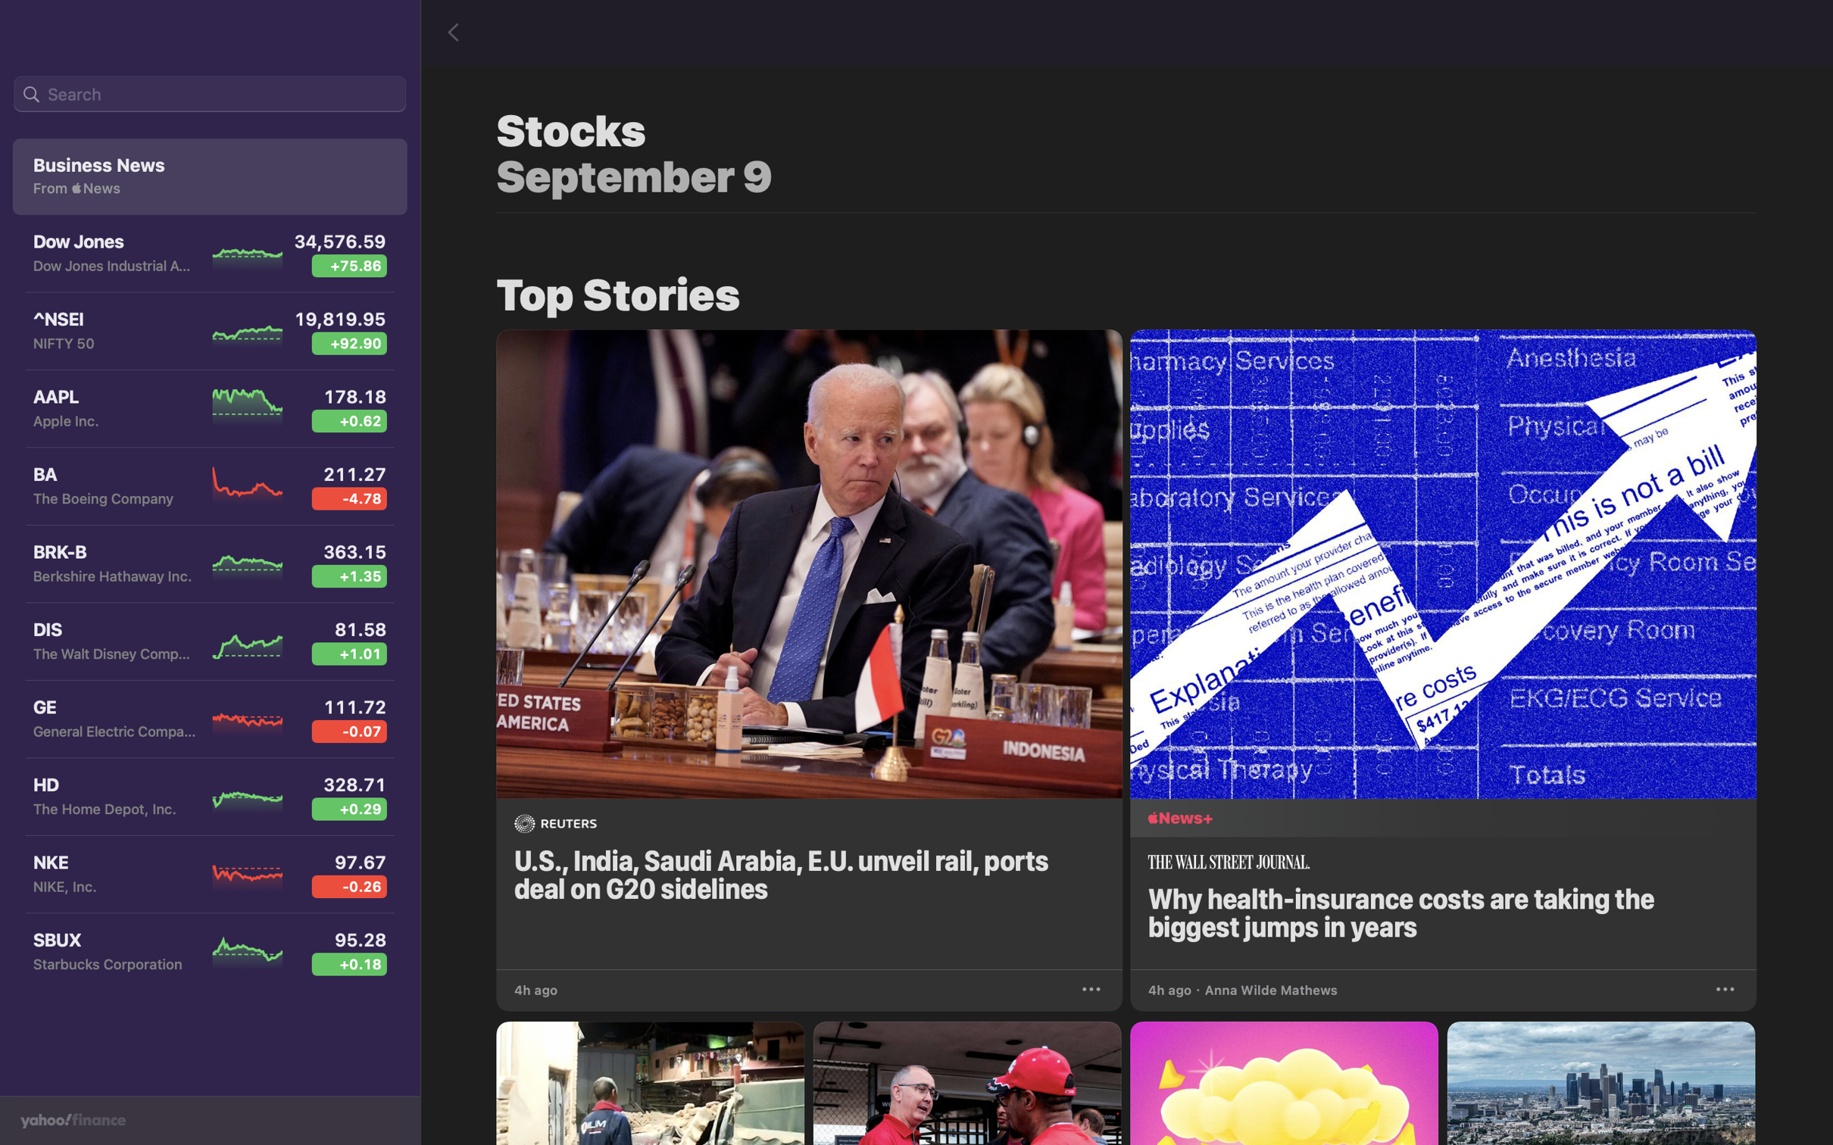  Describe the element at coordinates (1093, 987) in the screenshot. I see `Keep a copy of the G20 news item` at that location.